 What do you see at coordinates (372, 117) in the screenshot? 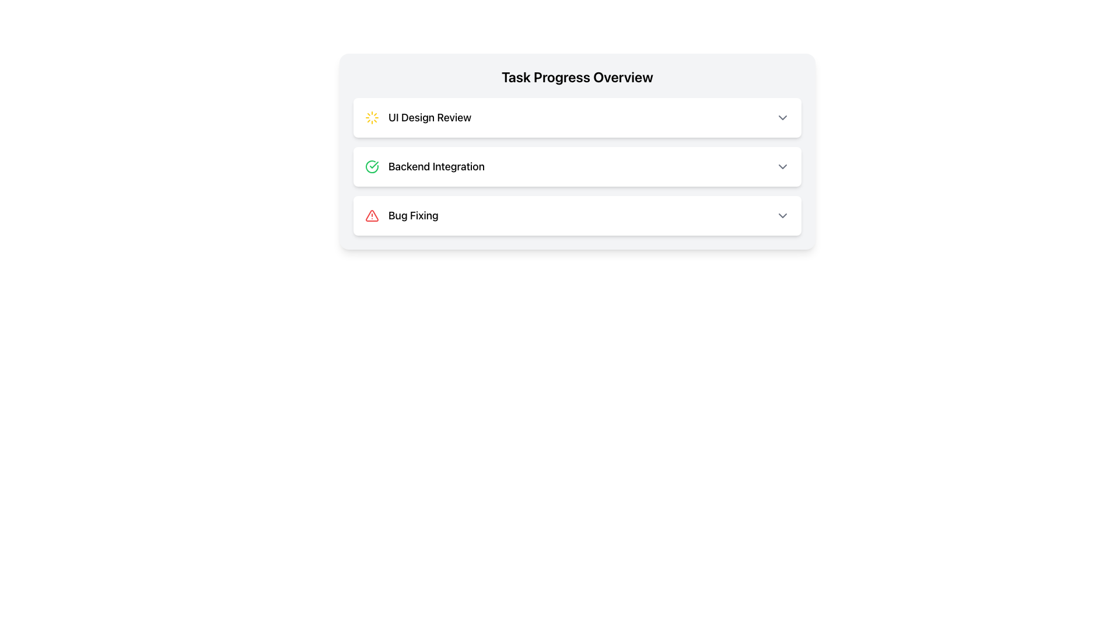
I see `the circular loader icon styled with a yellow hue, located to the left of the 'UI Design Review' text in the topmost row of the task list in the 'Task Progress Overview' section` at bounding box center [372, 117].